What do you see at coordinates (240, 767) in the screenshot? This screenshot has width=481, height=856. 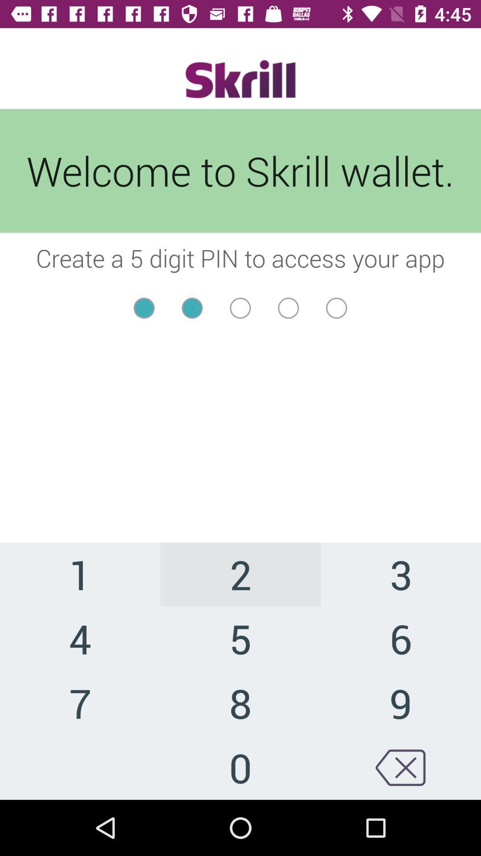 I see `the item to the left of 9 icon` at bounding box center [240, 767].